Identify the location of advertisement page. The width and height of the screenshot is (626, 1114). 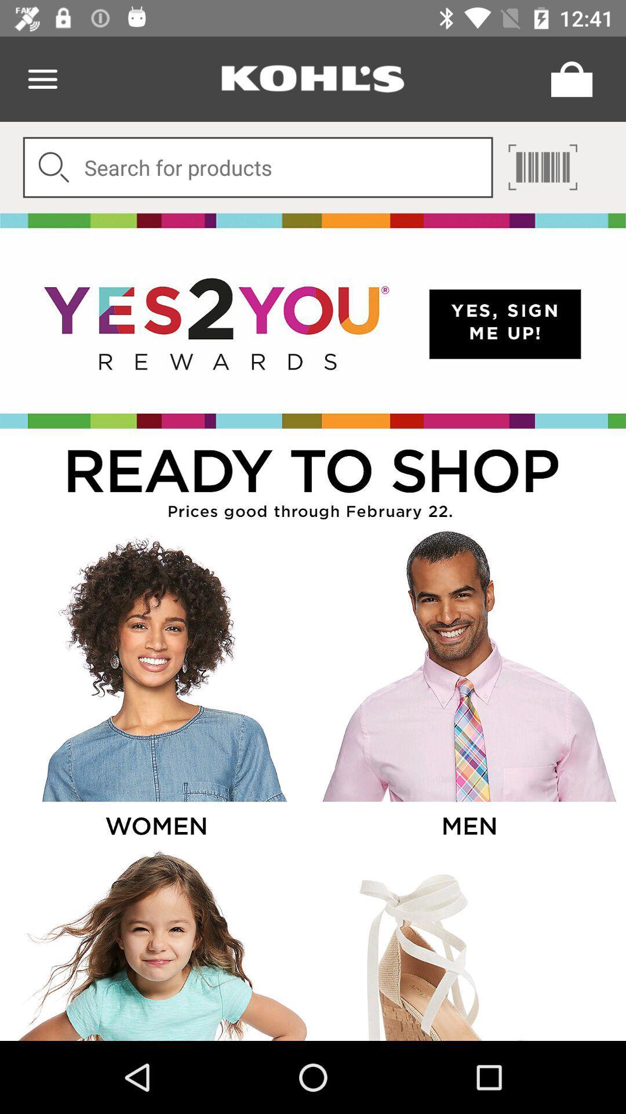
(468, 688).